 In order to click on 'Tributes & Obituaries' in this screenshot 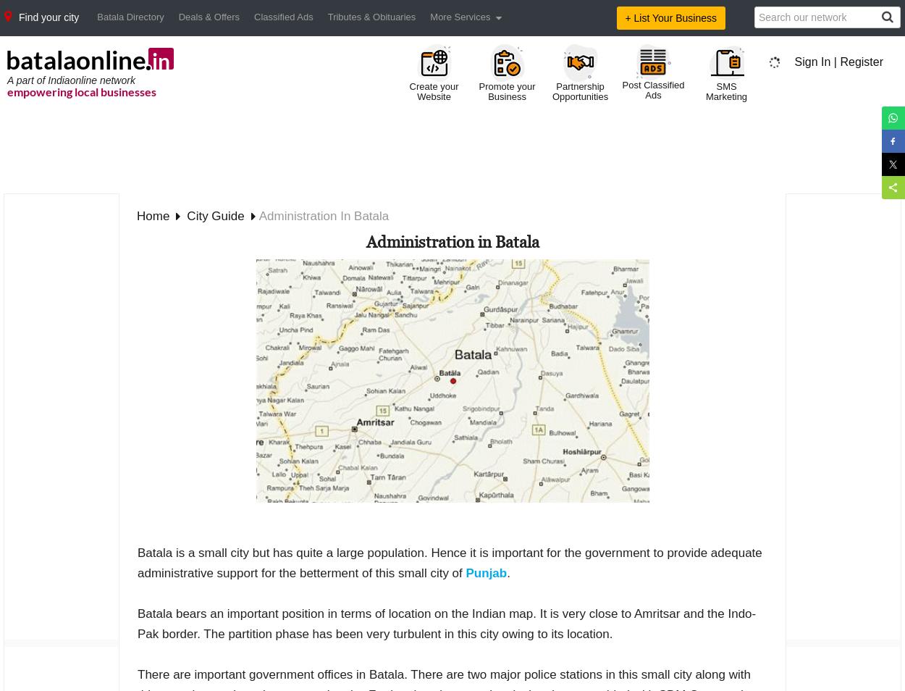, I will do `click(371, 16)`.